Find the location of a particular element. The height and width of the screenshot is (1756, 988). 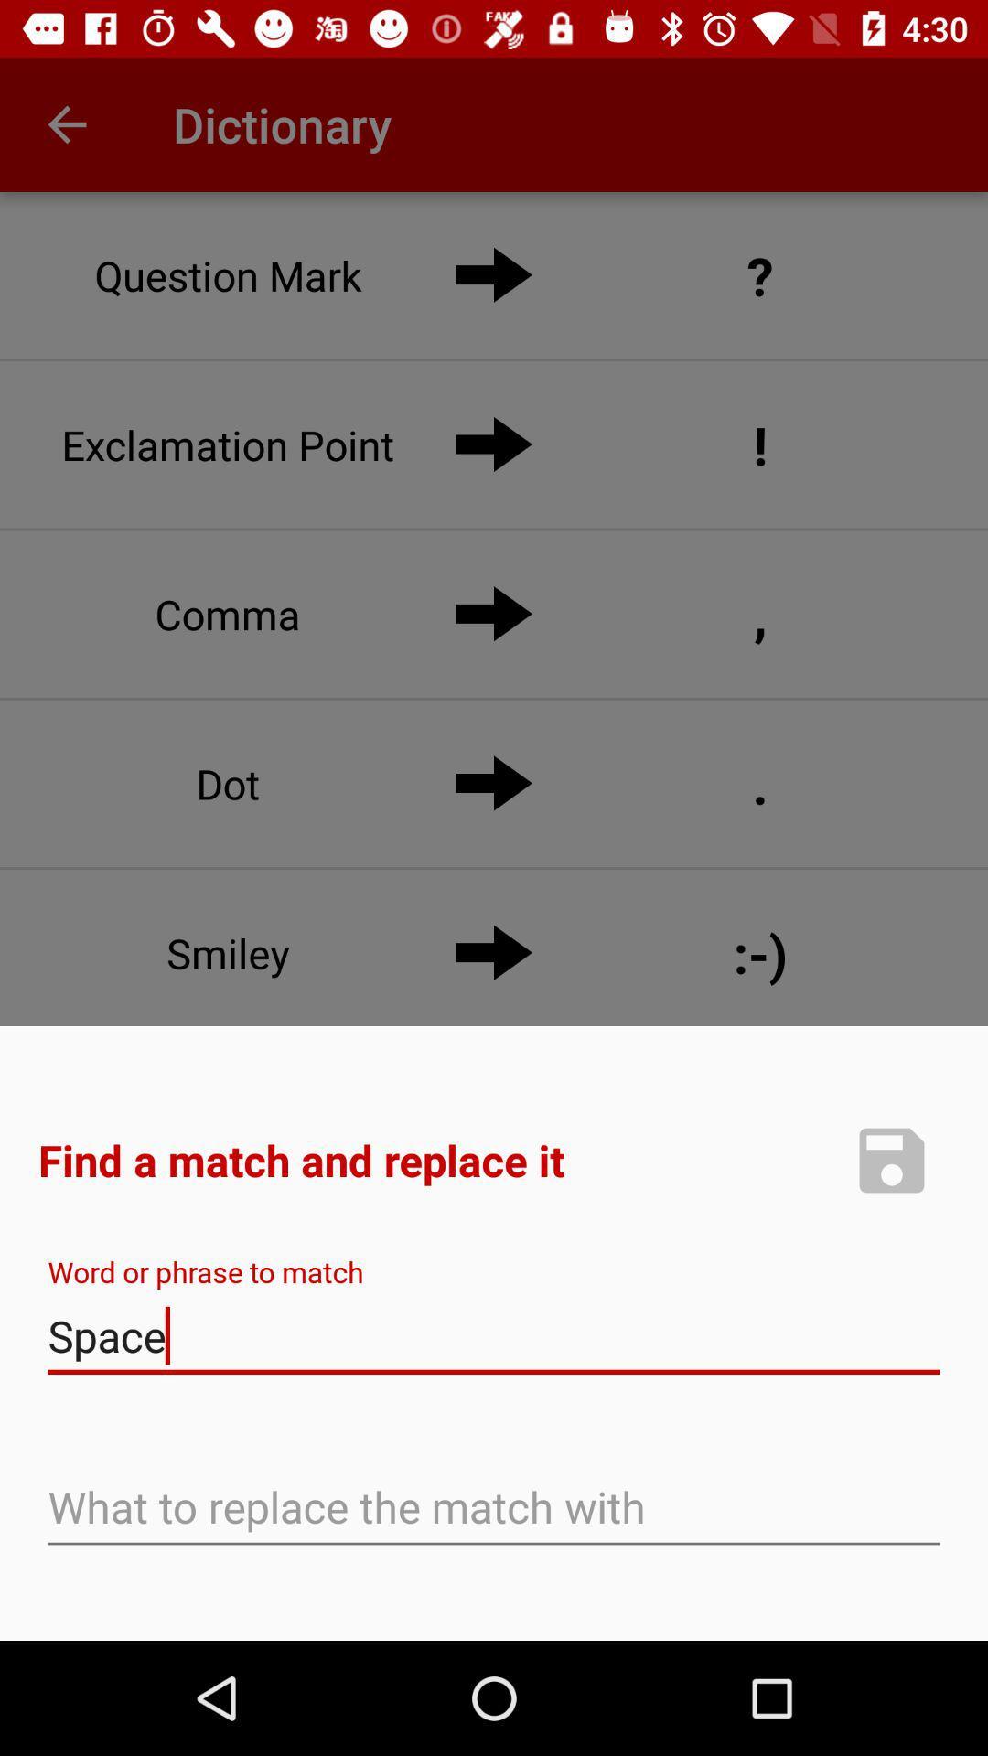

replace textbox is located at coordinates (494, 1509).